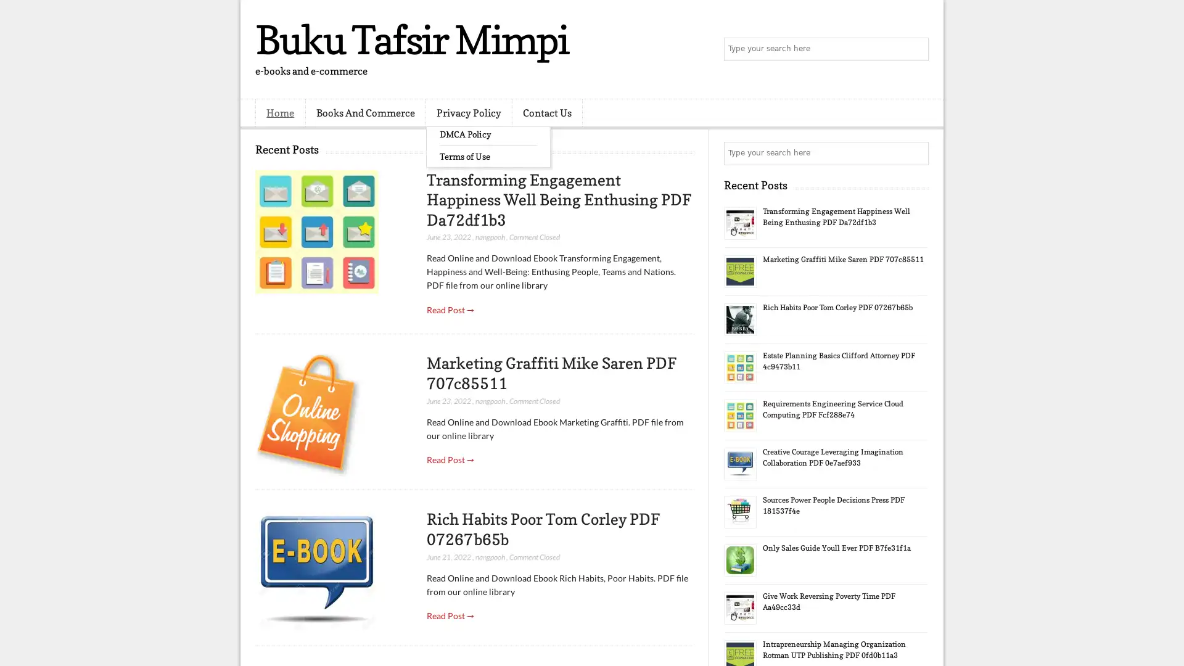 This screenshot has height=666, width=1184. Describe the element at coordinates (916, 49) in the screenshot. I see `Search` at that location.